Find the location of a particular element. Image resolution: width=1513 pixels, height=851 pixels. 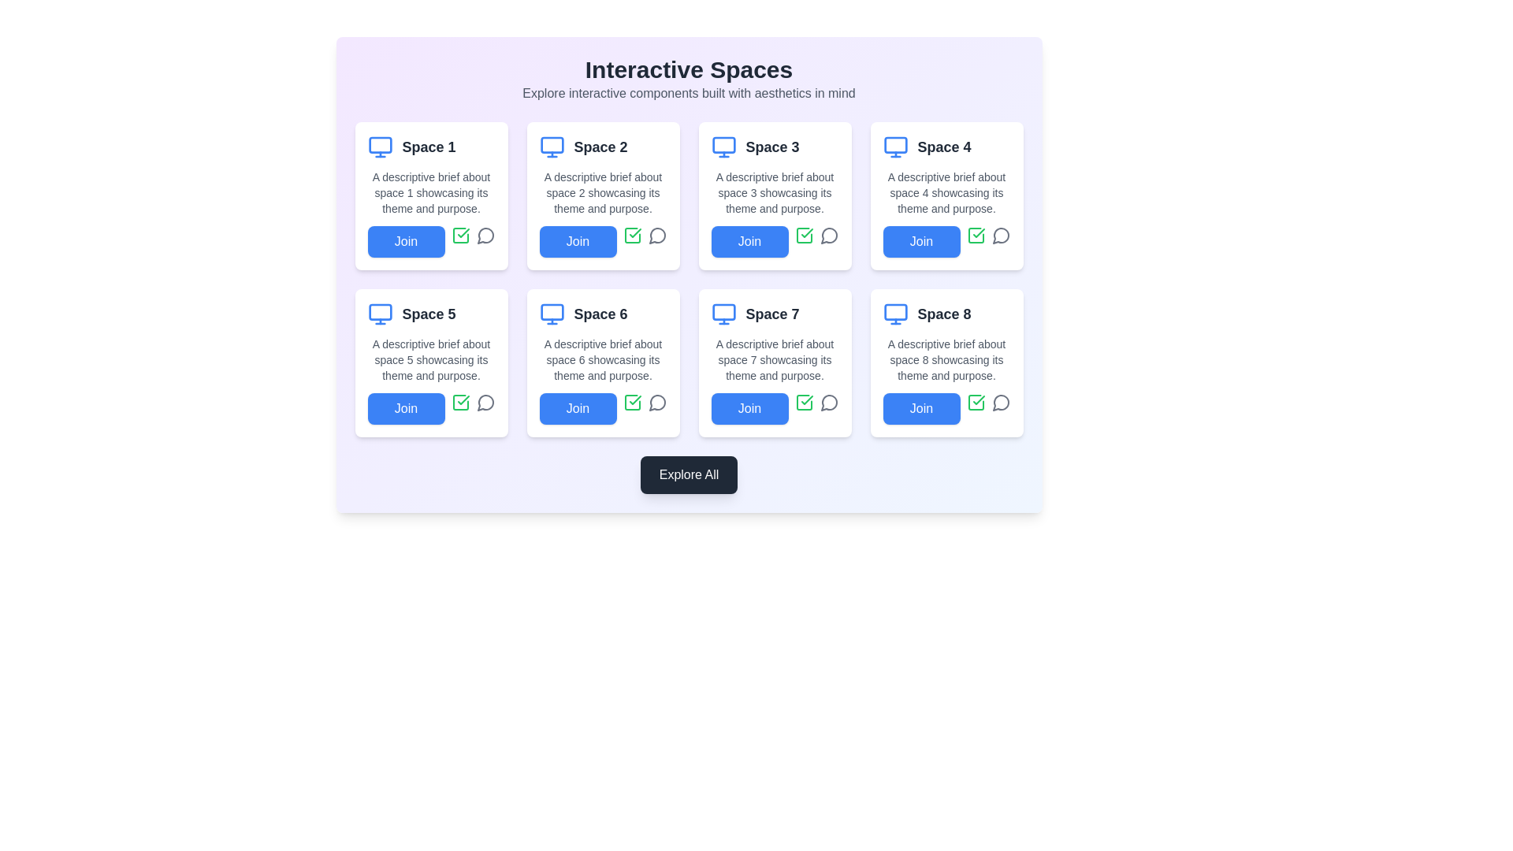

the bold text label 'Space 6' is located at coordinates (600, 314).